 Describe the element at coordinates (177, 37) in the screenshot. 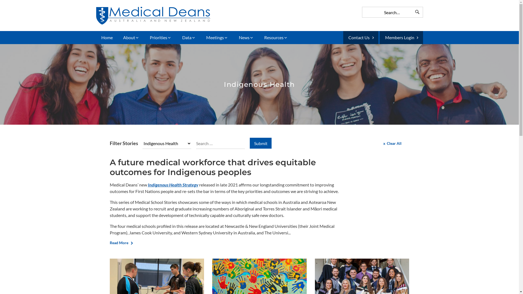

I see `'Data'` at that location.